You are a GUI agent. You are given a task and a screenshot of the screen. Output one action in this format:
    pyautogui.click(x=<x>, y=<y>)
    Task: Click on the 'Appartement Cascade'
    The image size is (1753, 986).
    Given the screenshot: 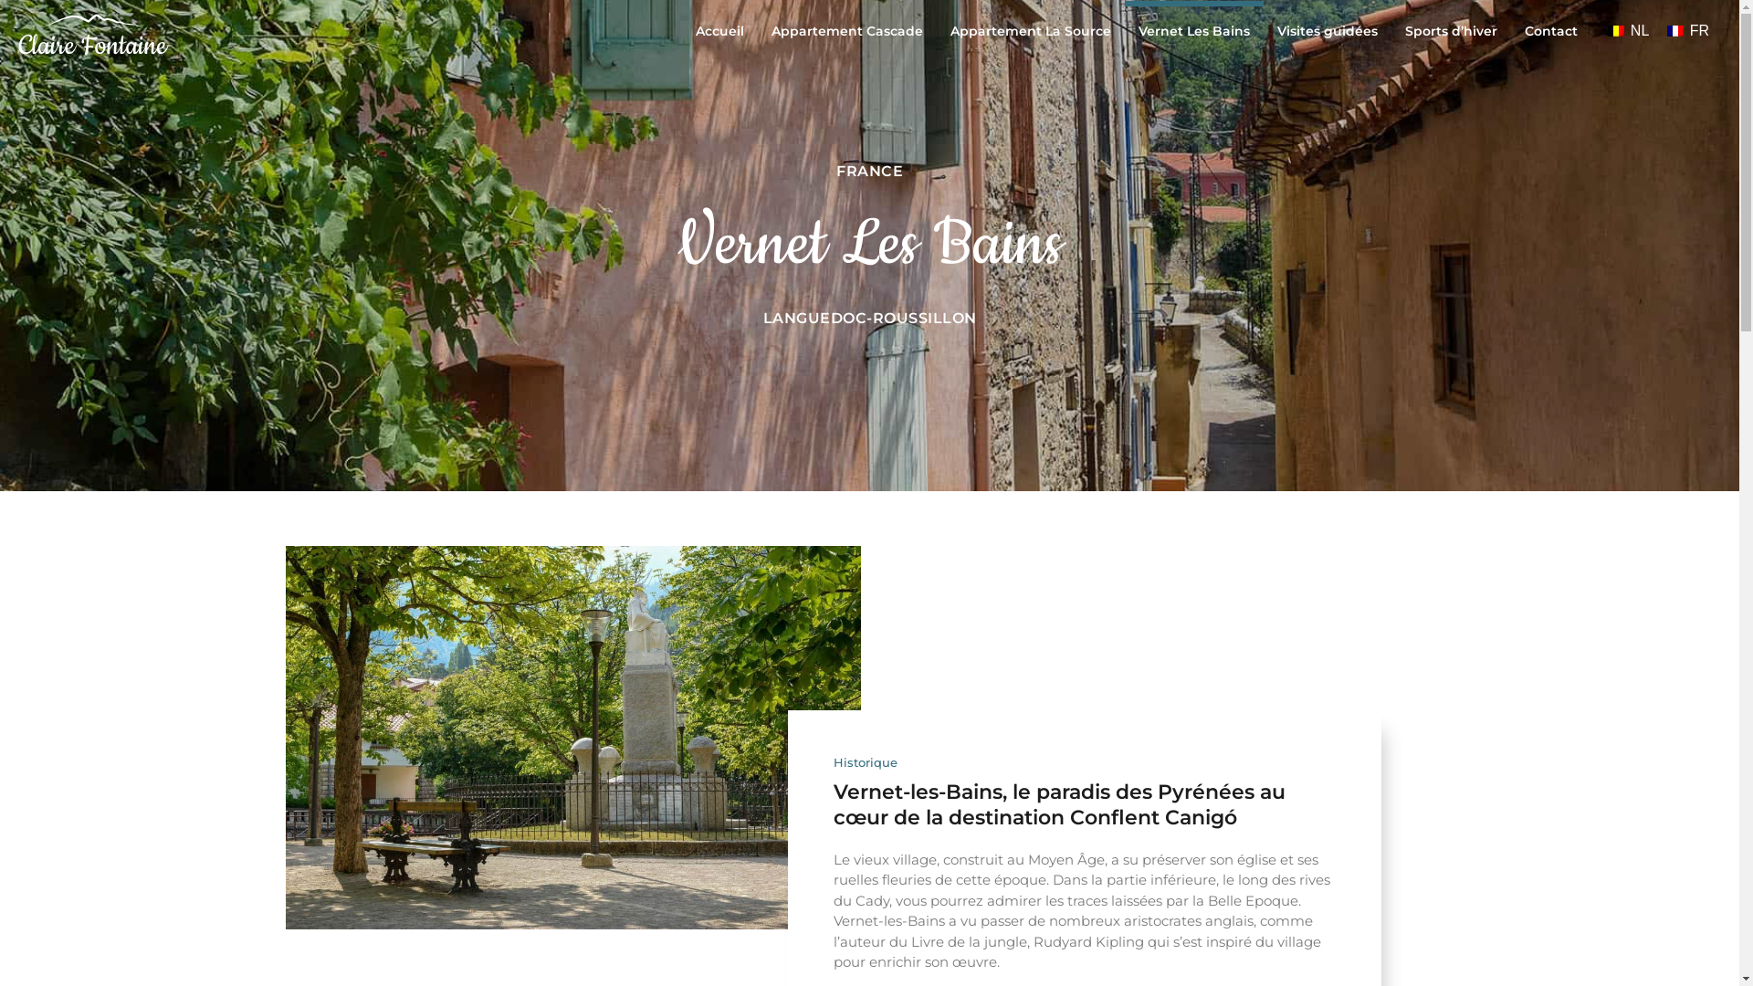 What is the action you would take?
    pyautogui.click(x=845, y=31)
    